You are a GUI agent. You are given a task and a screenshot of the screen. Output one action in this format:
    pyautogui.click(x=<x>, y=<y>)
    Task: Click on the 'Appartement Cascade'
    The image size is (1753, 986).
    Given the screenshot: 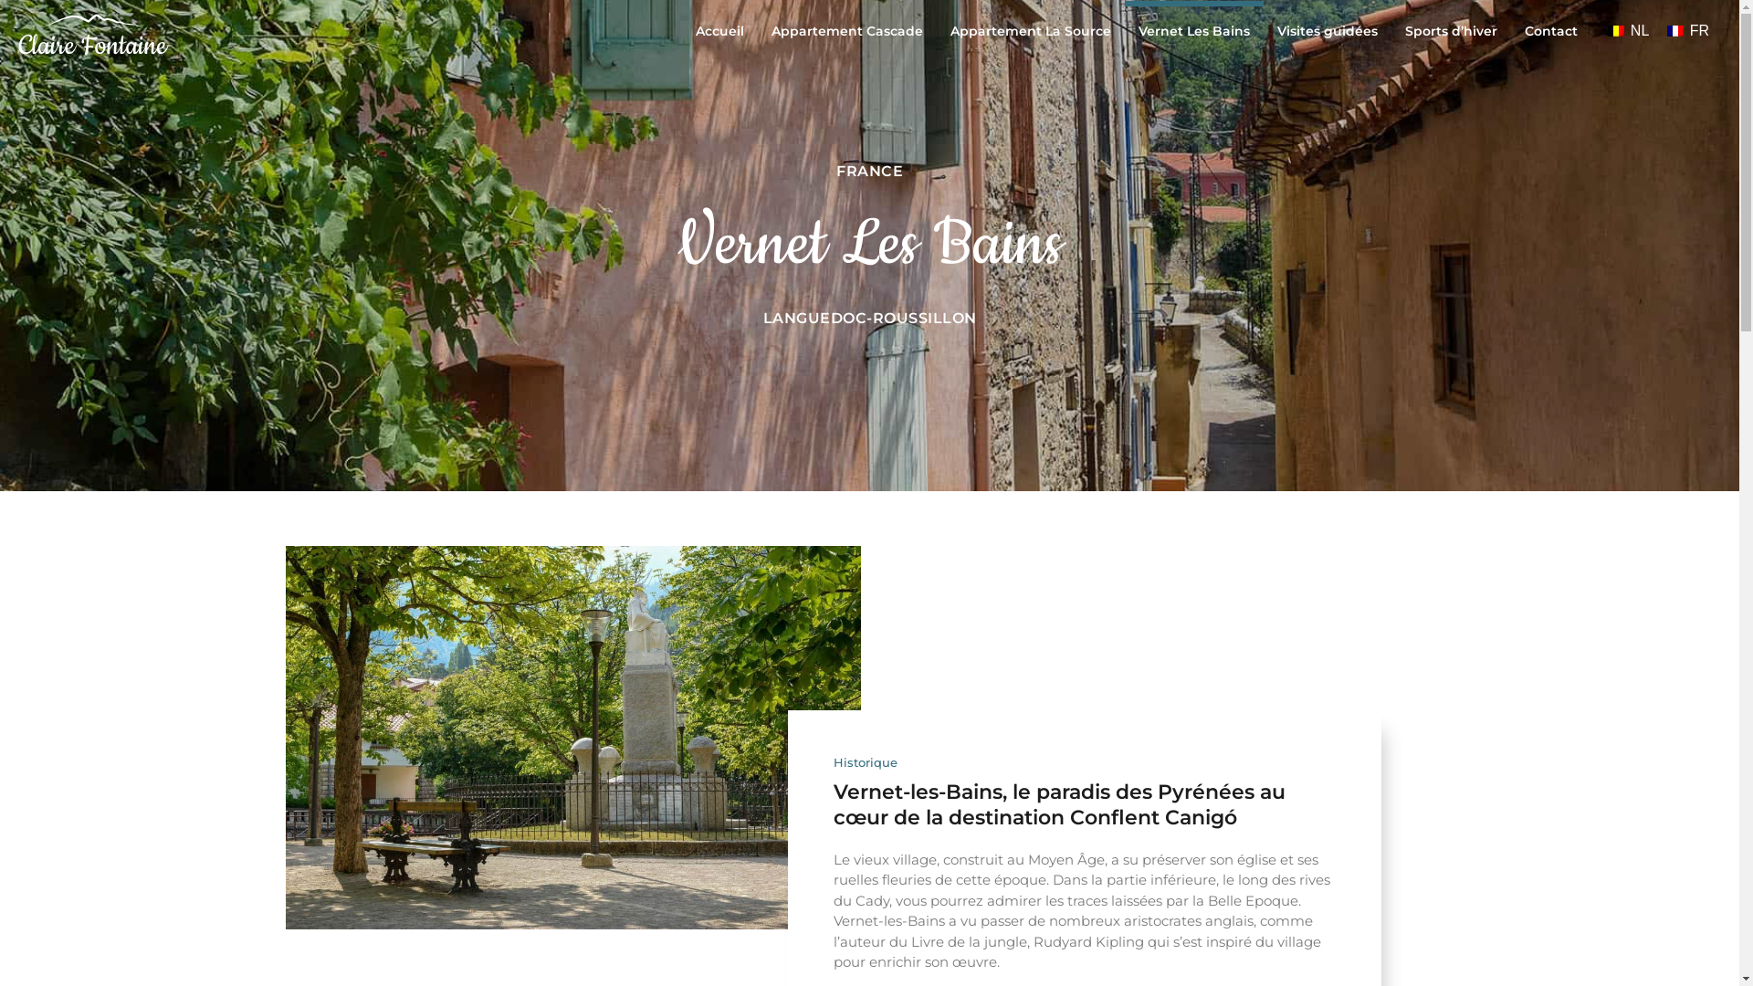 What is the action you would take?
    pyautogui.click(x=845, y=31)
    